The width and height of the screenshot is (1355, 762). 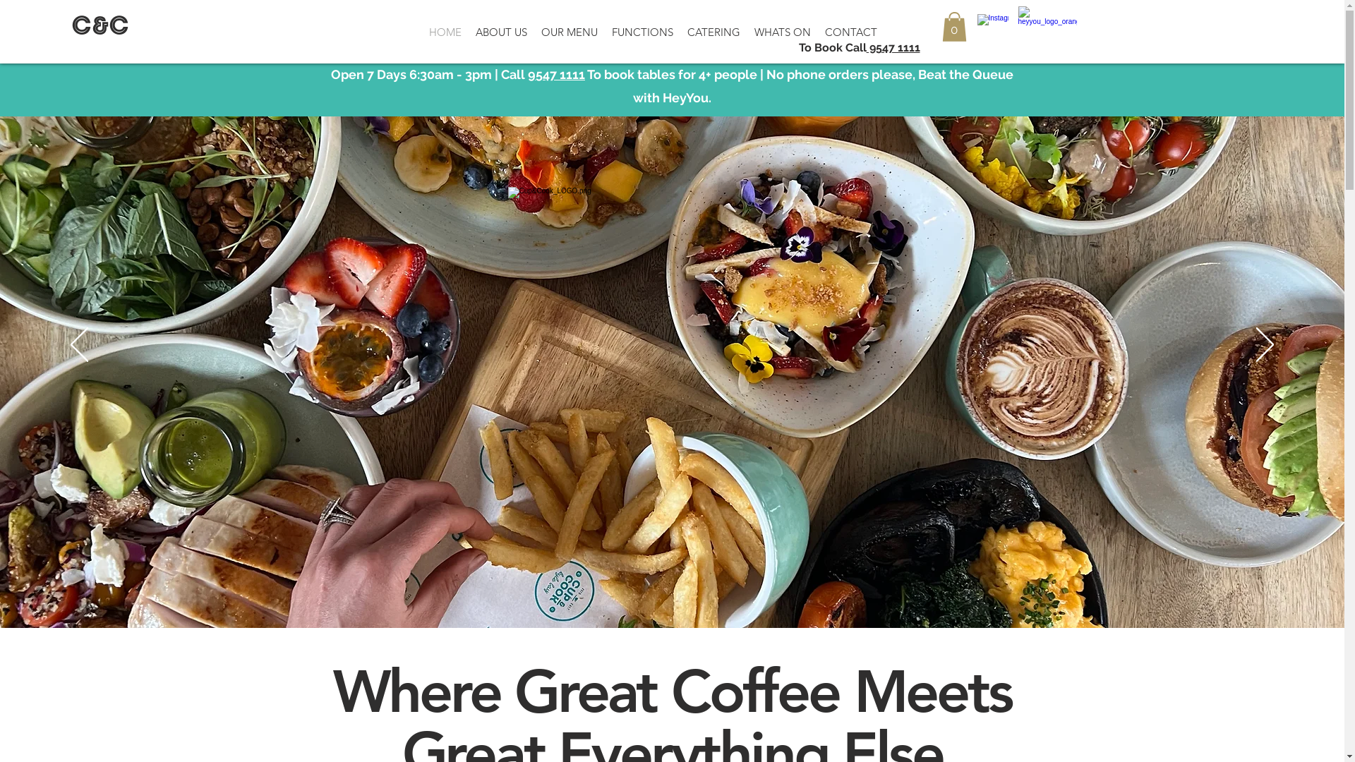 I want to click on 'ABOUT US', so click(x=501, y=32).